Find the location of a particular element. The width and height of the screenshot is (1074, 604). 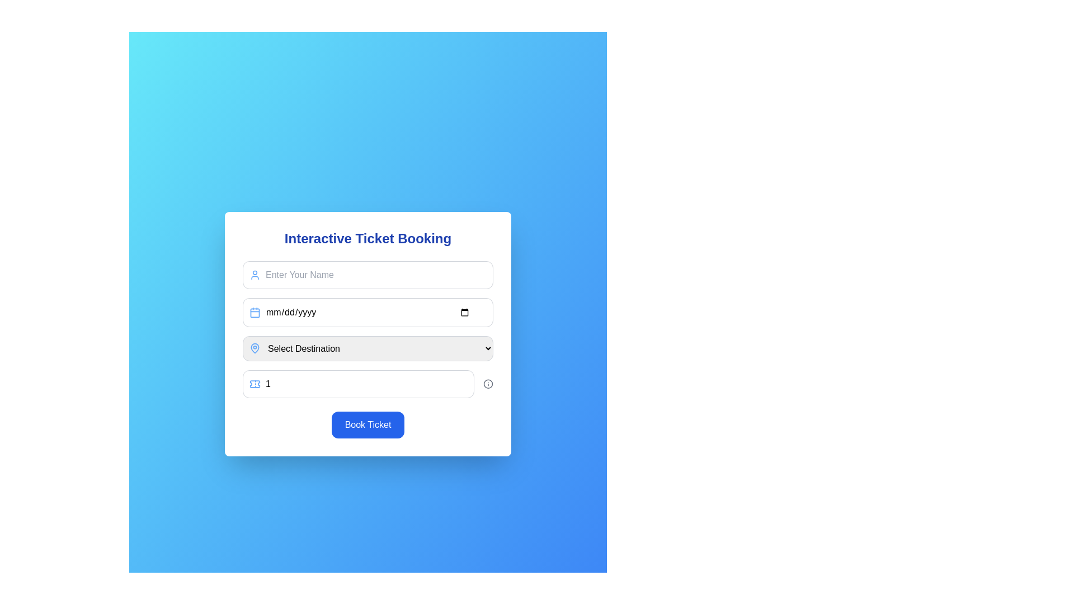

the small gray circular Info Icon located on the right side of the ticket selection row in the interactive ticket booking interface is located at coordinates (488, 383).